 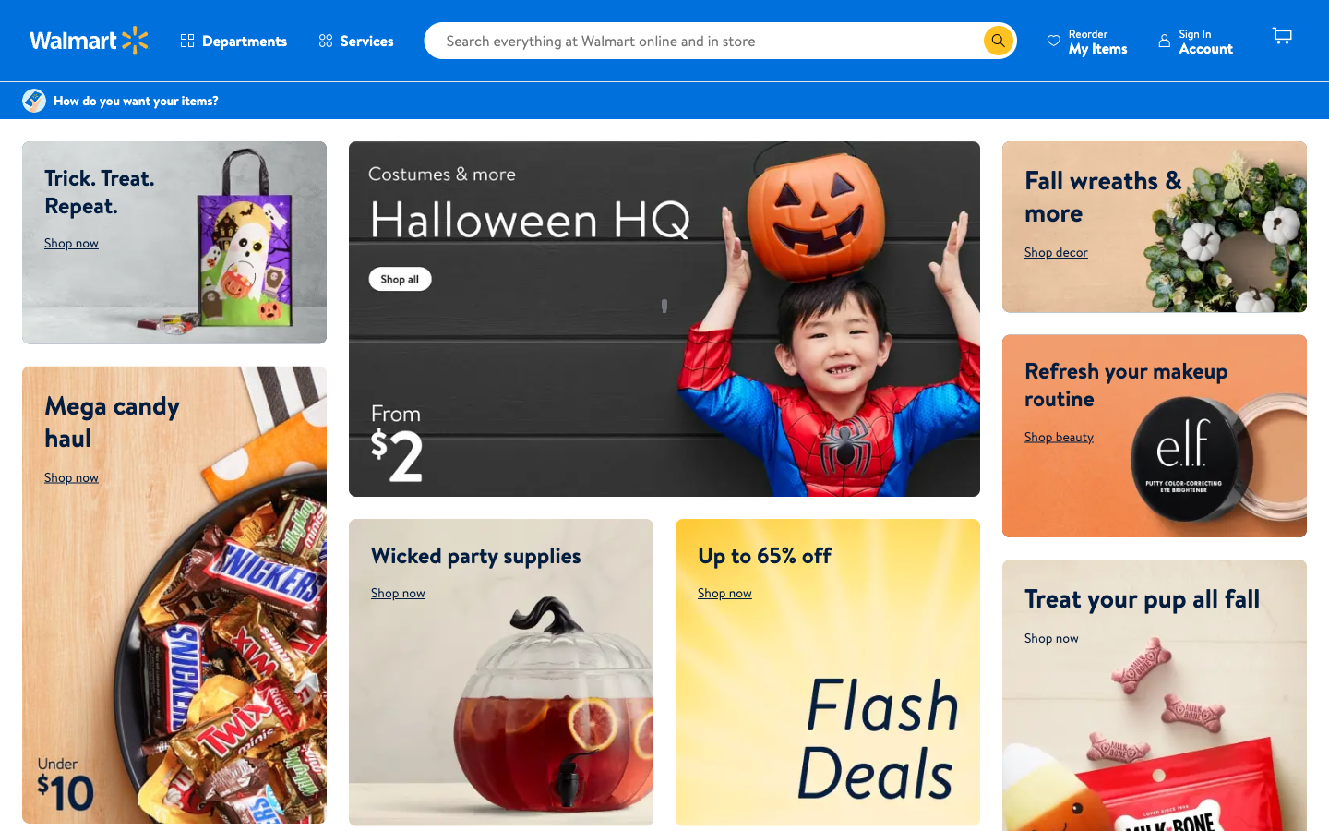 What do you see at coordinates (724, 592) in the screenshot?
I see `flash deals webpage via shop now button` at bounding box center [724, 592].